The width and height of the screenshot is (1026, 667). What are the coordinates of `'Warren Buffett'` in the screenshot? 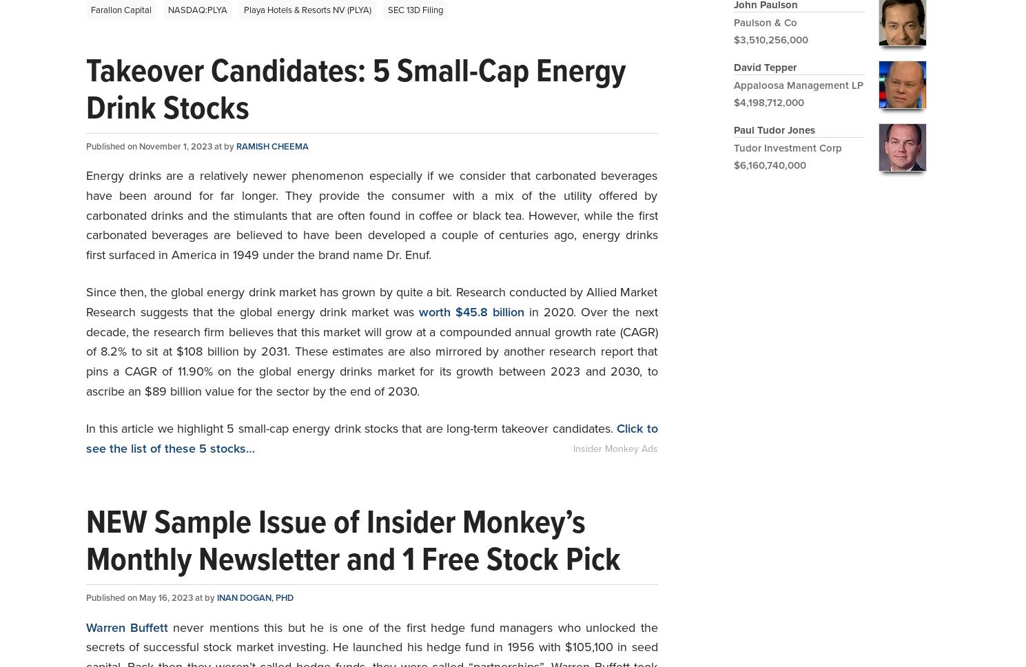 It's located at (126, 627).